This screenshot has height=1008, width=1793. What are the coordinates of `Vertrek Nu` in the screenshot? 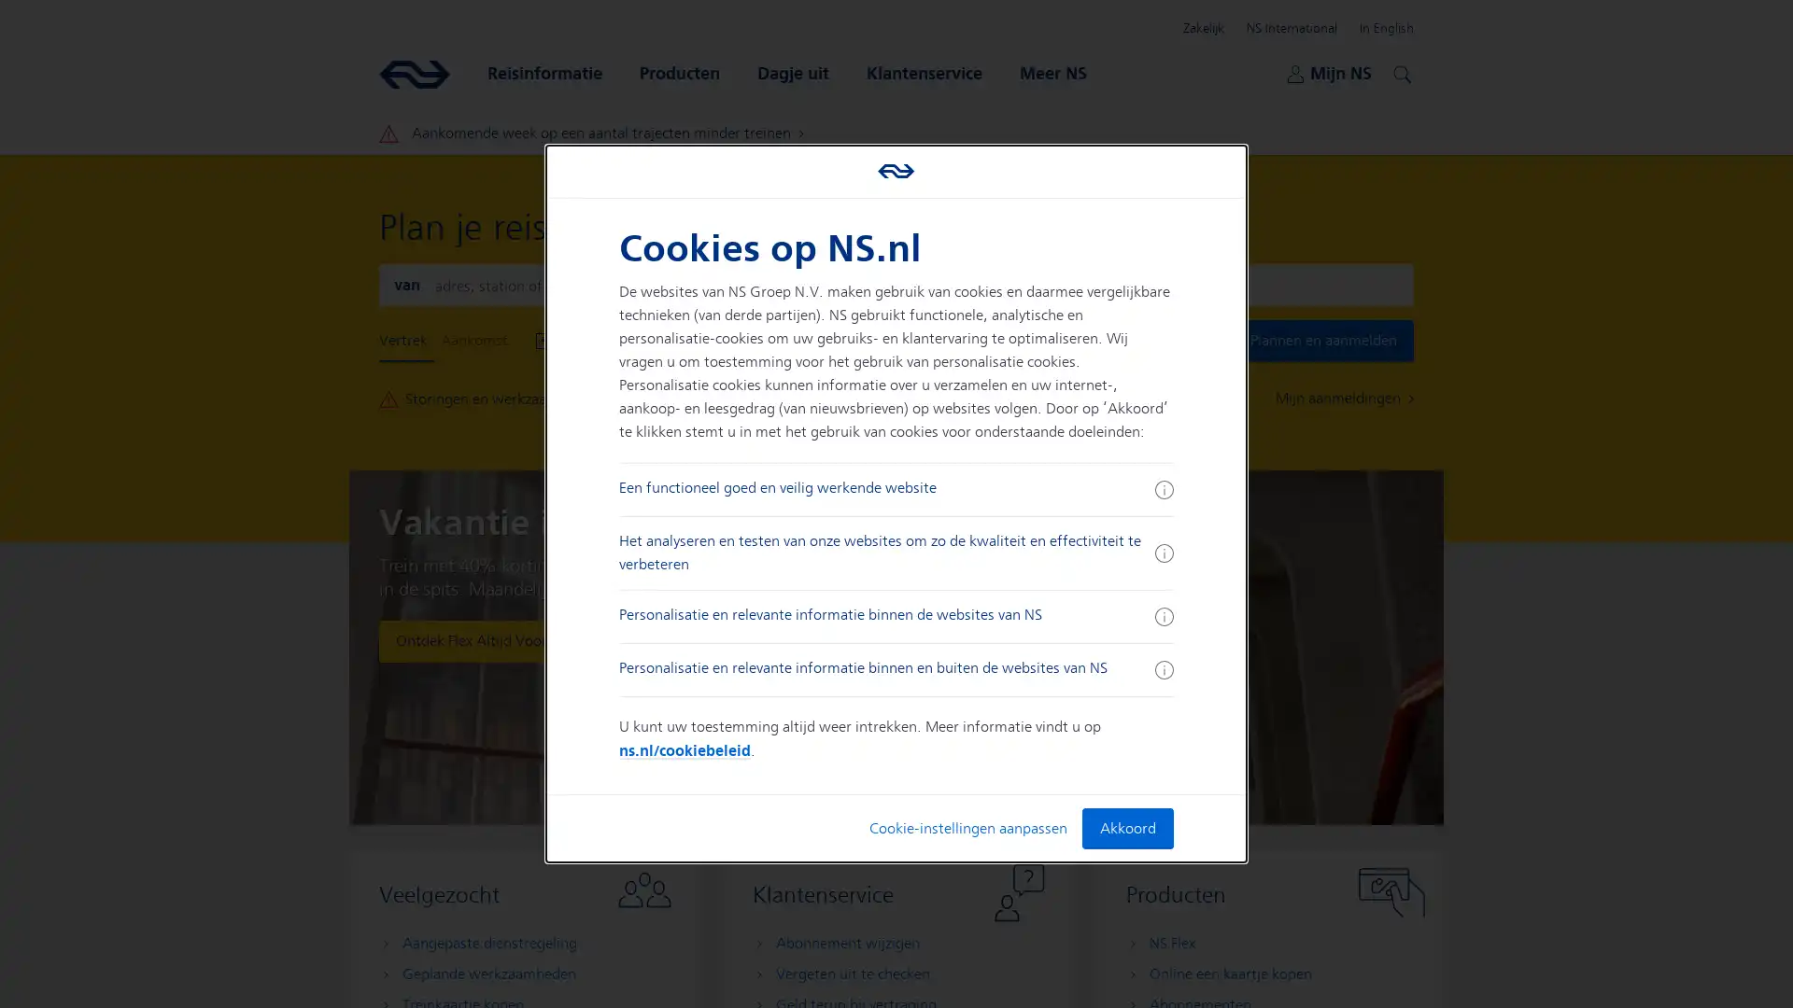 It's located at (775, 341).